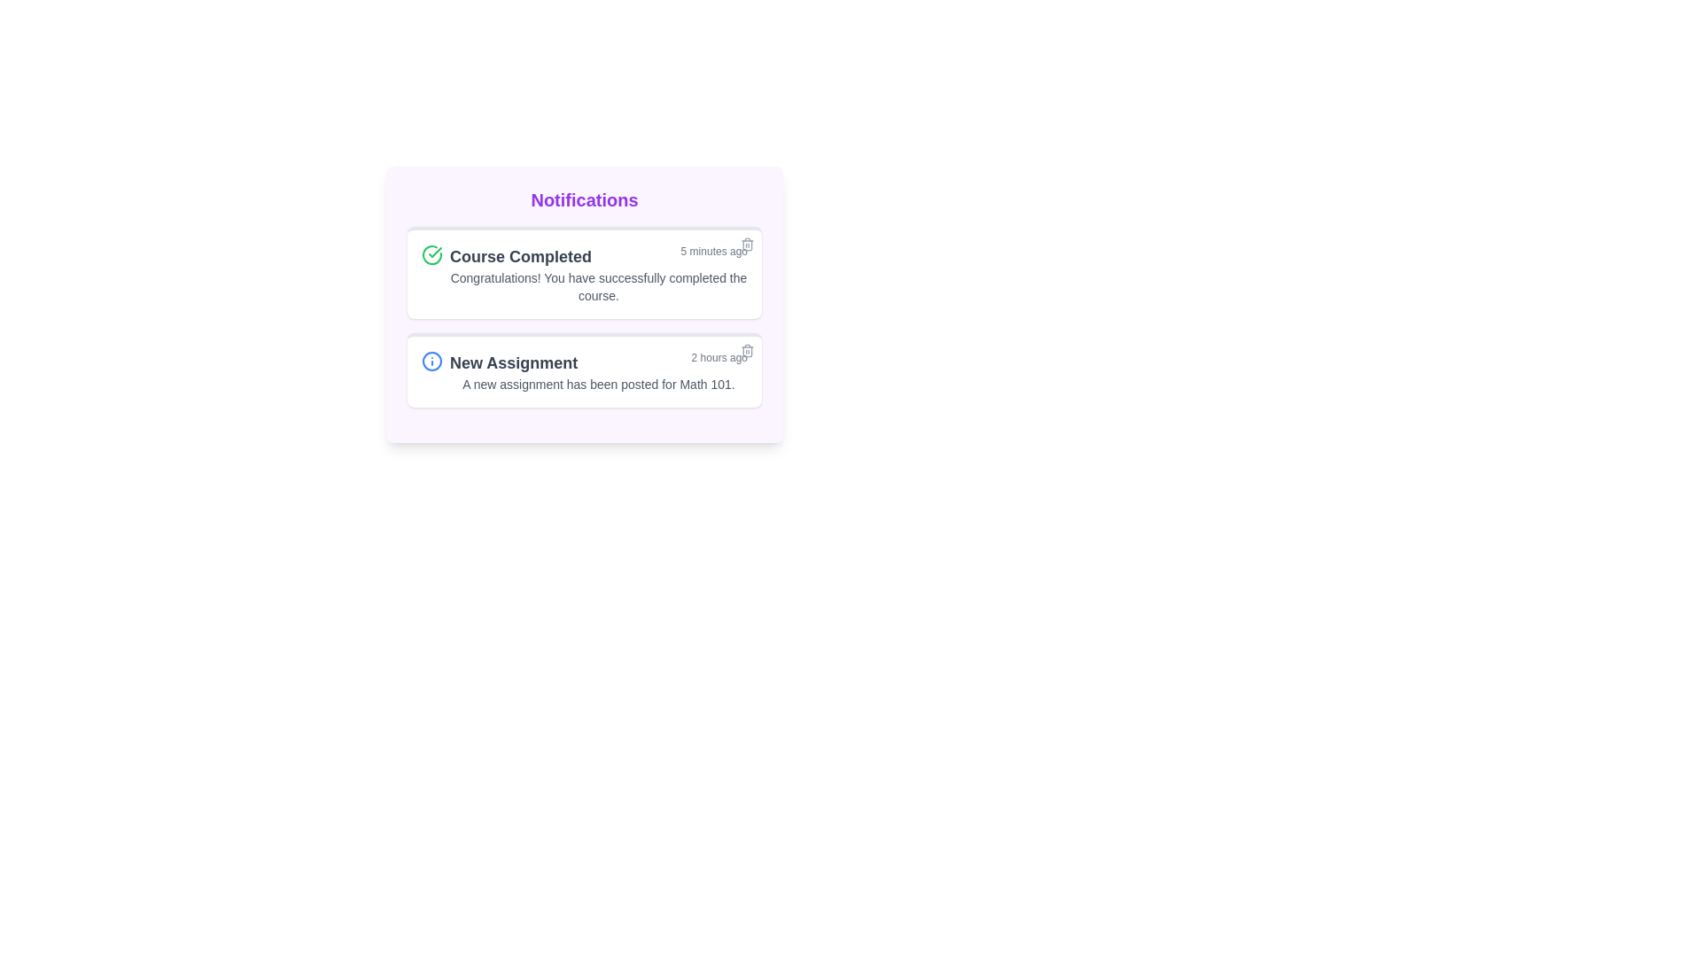 The width and height of the screenshot is (1701, 957). What do you see at coordinates (432, 255) in the screenshot?
I see `the vector graphic element indicating confirmation or success status, located to the left of the text 'Congratulations! You have successfully completed the course.' in the notification card` at bounding box center [432, 255].